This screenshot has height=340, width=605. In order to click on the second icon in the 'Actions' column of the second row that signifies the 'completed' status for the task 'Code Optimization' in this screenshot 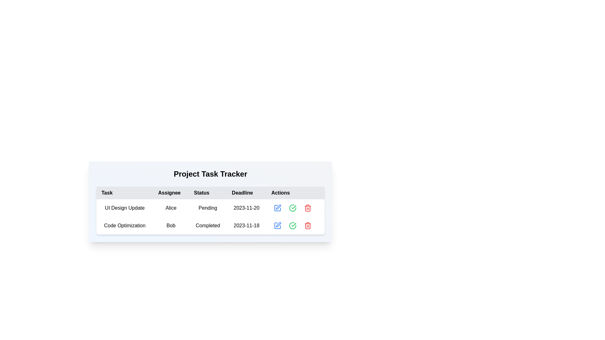, I will do `click(292, 208)`.